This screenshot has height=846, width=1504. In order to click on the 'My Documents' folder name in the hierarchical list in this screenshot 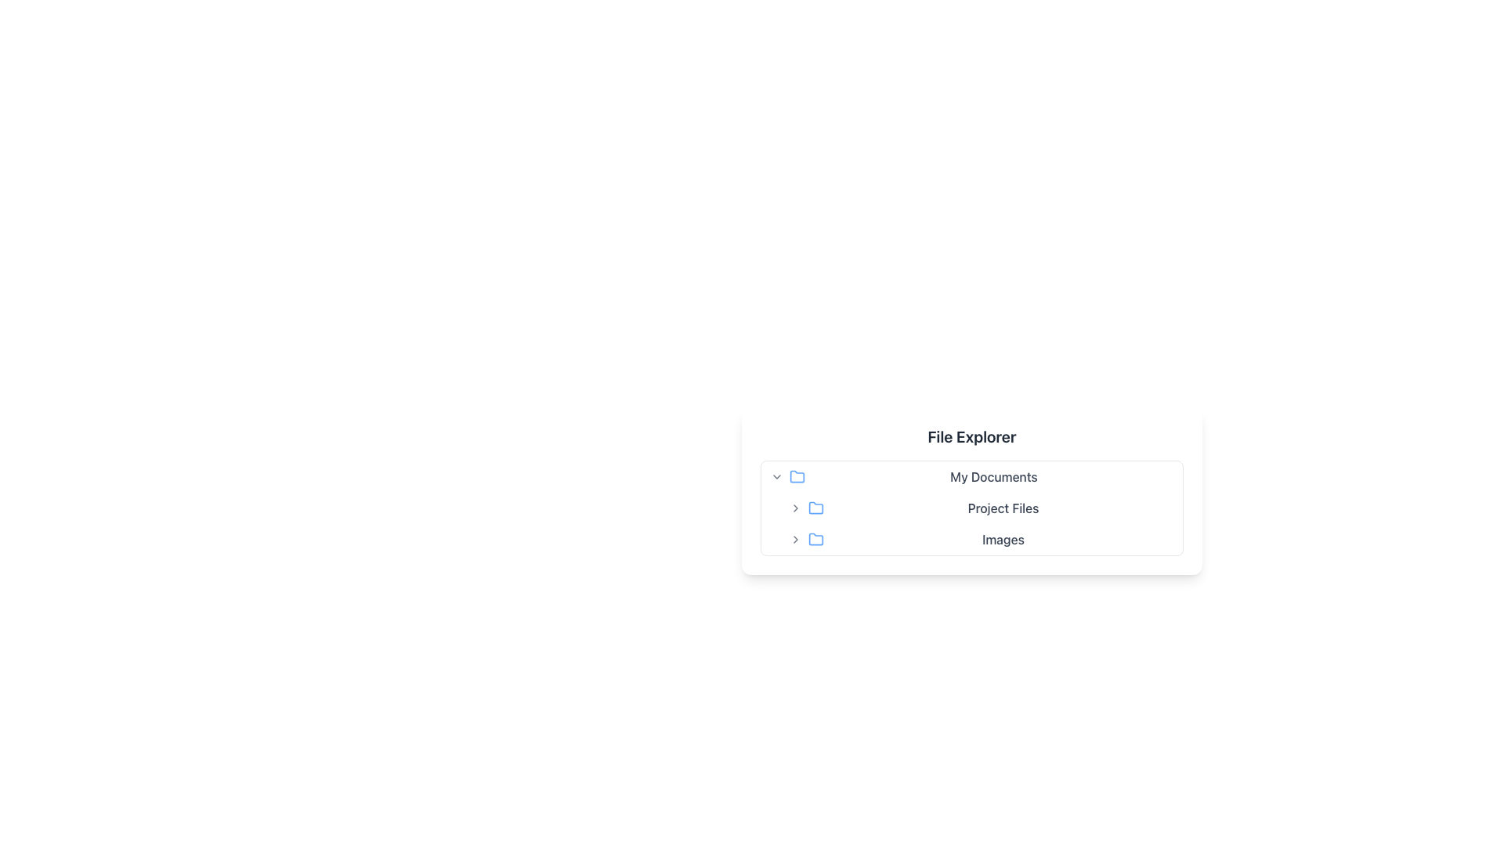, I will do `click(971, 476)`.